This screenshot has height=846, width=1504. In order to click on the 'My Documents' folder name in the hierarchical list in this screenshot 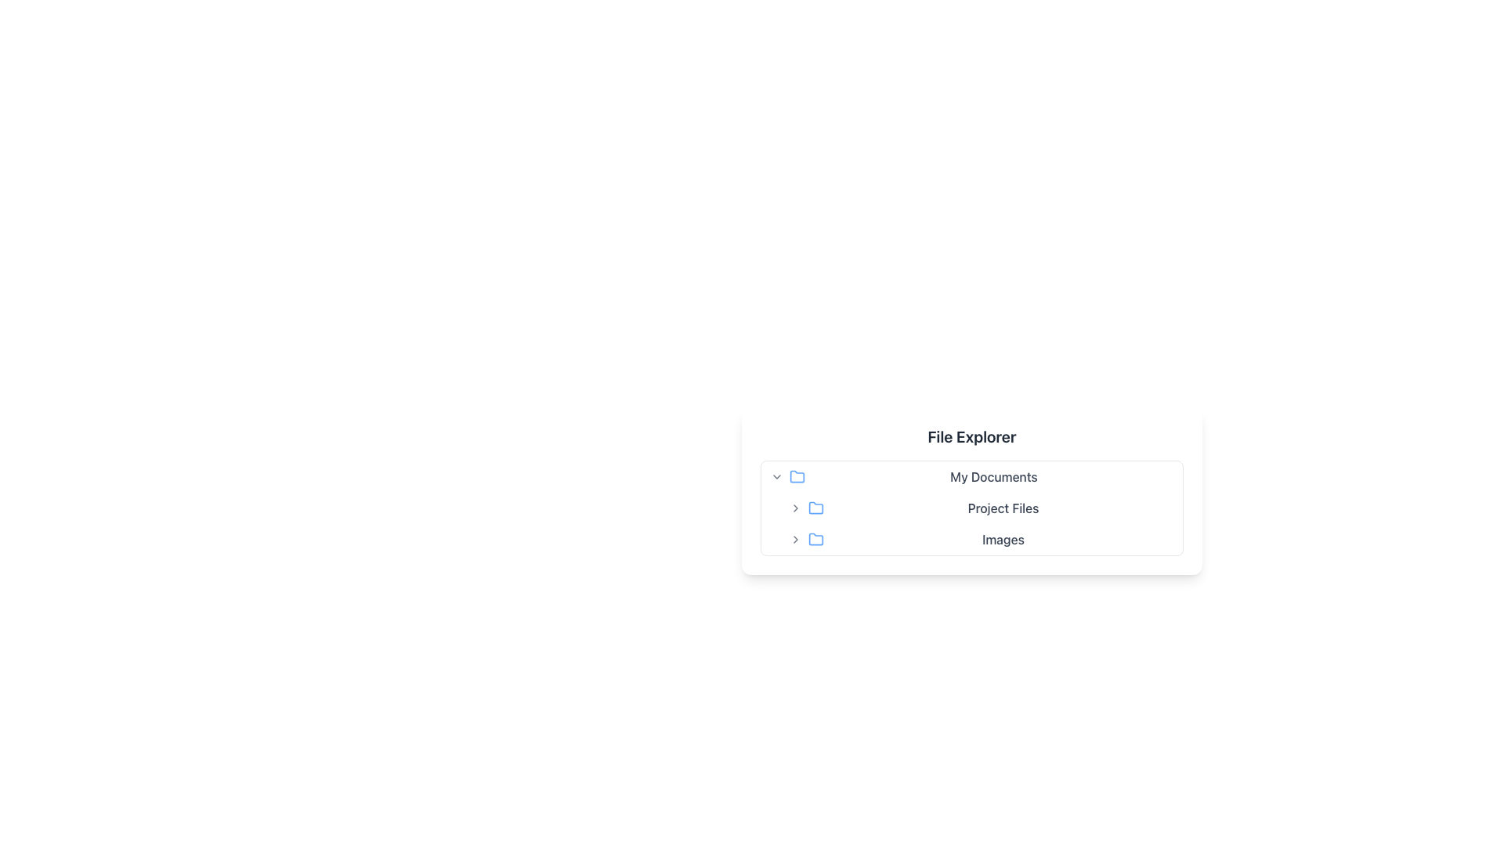, I will do `click(971, 476)`.